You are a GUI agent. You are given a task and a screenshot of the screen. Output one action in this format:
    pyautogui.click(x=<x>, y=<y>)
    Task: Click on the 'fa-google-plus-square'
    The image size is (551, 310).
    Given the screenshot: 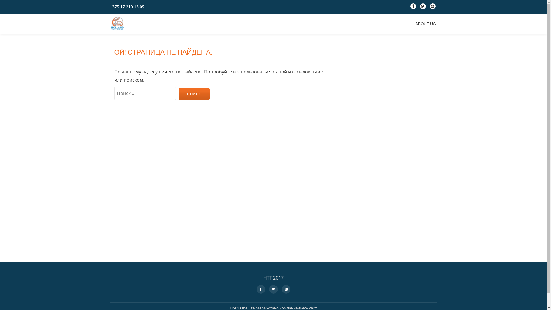 What is the action you would take?
    pyautogui.click(x=430, y=7)
    